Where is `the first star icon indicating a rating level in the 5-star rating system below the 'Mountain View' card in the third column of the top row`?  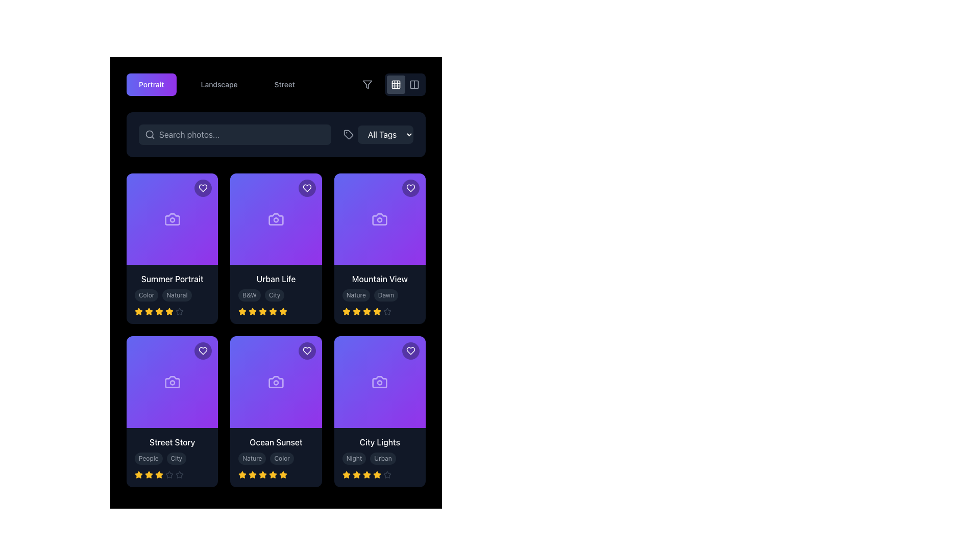 the first star icon indicating a rating level in the 5-star rating system below the 'Mountain View' card in the third column of the top row is located at coordinates (346, 311).